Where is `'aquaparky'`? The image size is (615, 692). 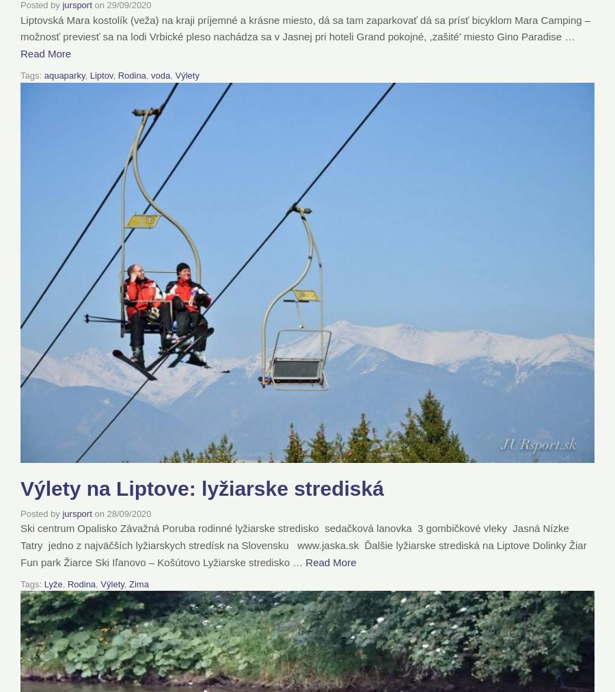 'aquaparky' is located at coordinates (63, 74).